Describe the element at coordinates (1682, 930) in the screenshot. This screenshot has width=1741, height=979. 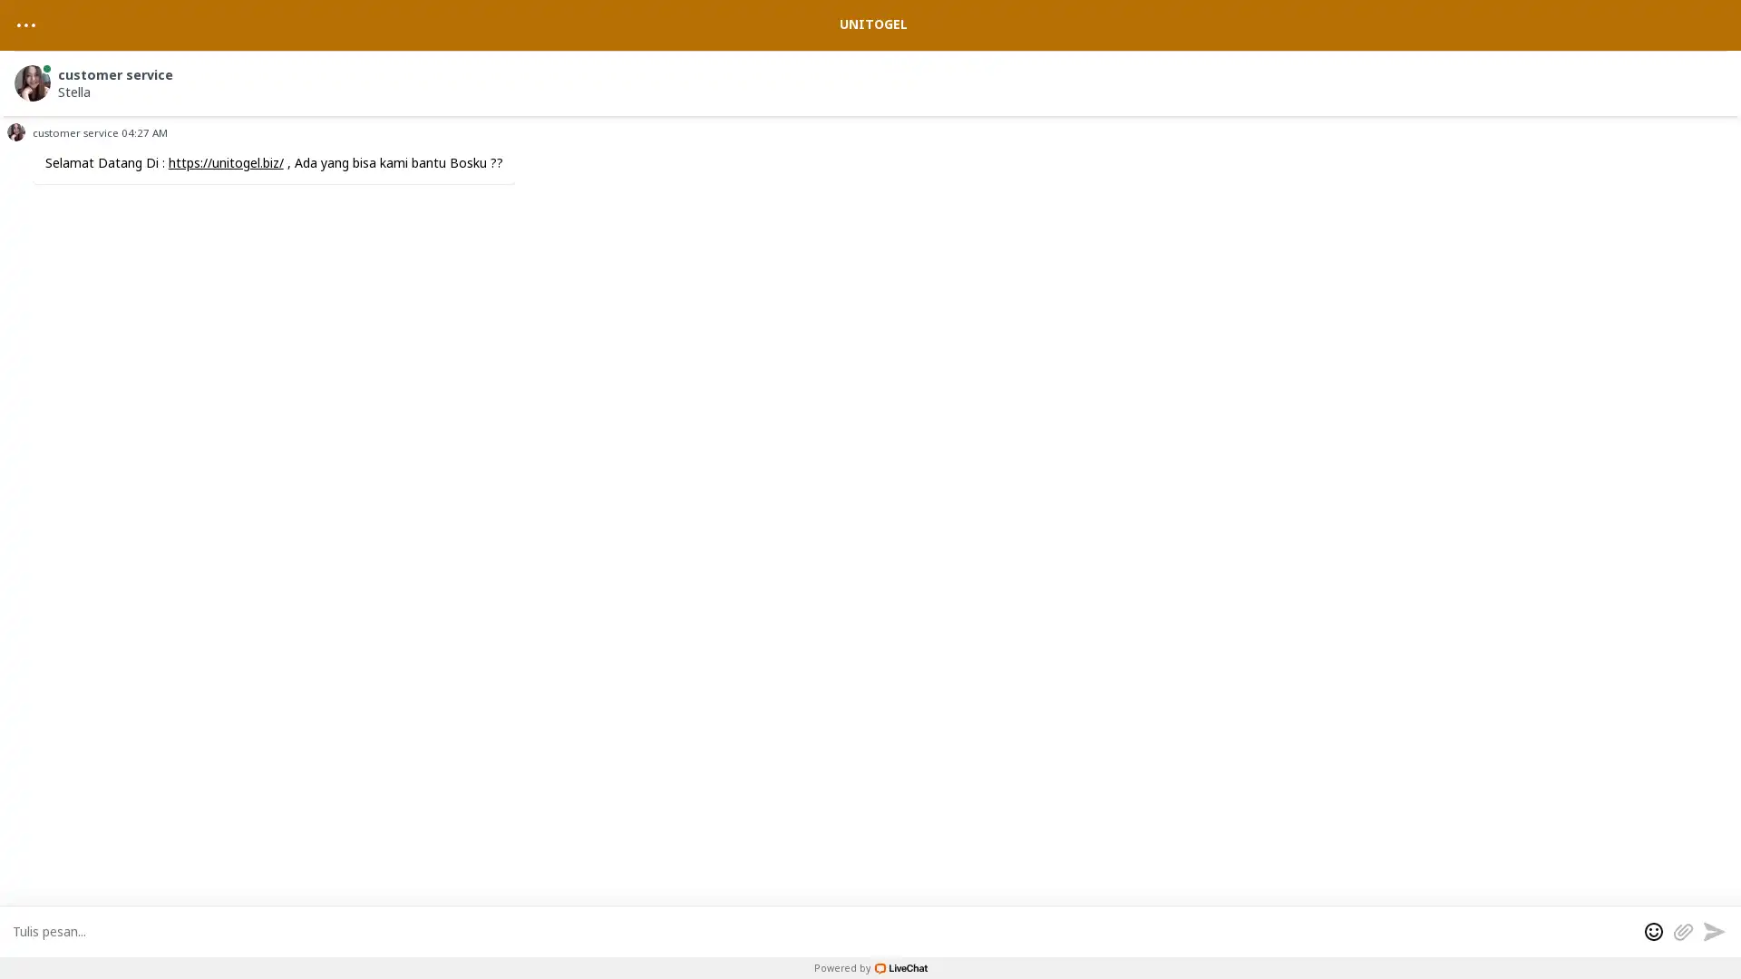
I see `Send a file` at that location.